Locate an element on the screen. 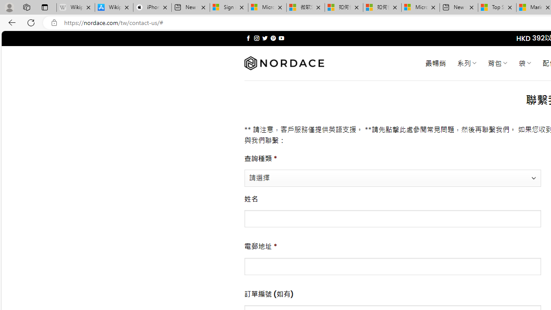 This screenshot has height=310, width=551. 'Follow on Pinterest' is located at coordinates (272, 38).